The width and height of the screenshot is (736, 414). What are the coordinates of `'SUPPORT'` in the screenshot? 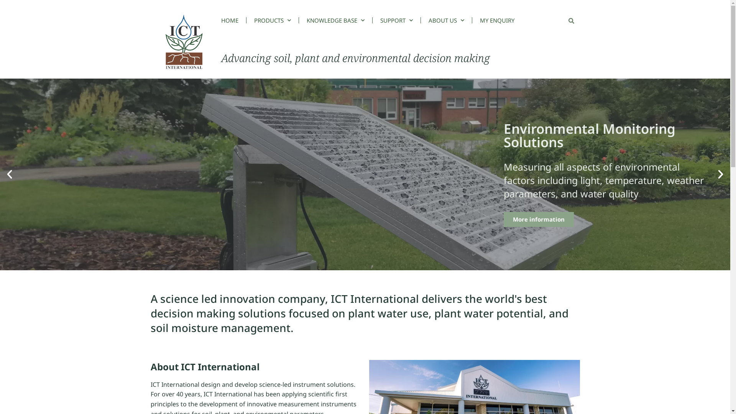 It's located at (396, 20).